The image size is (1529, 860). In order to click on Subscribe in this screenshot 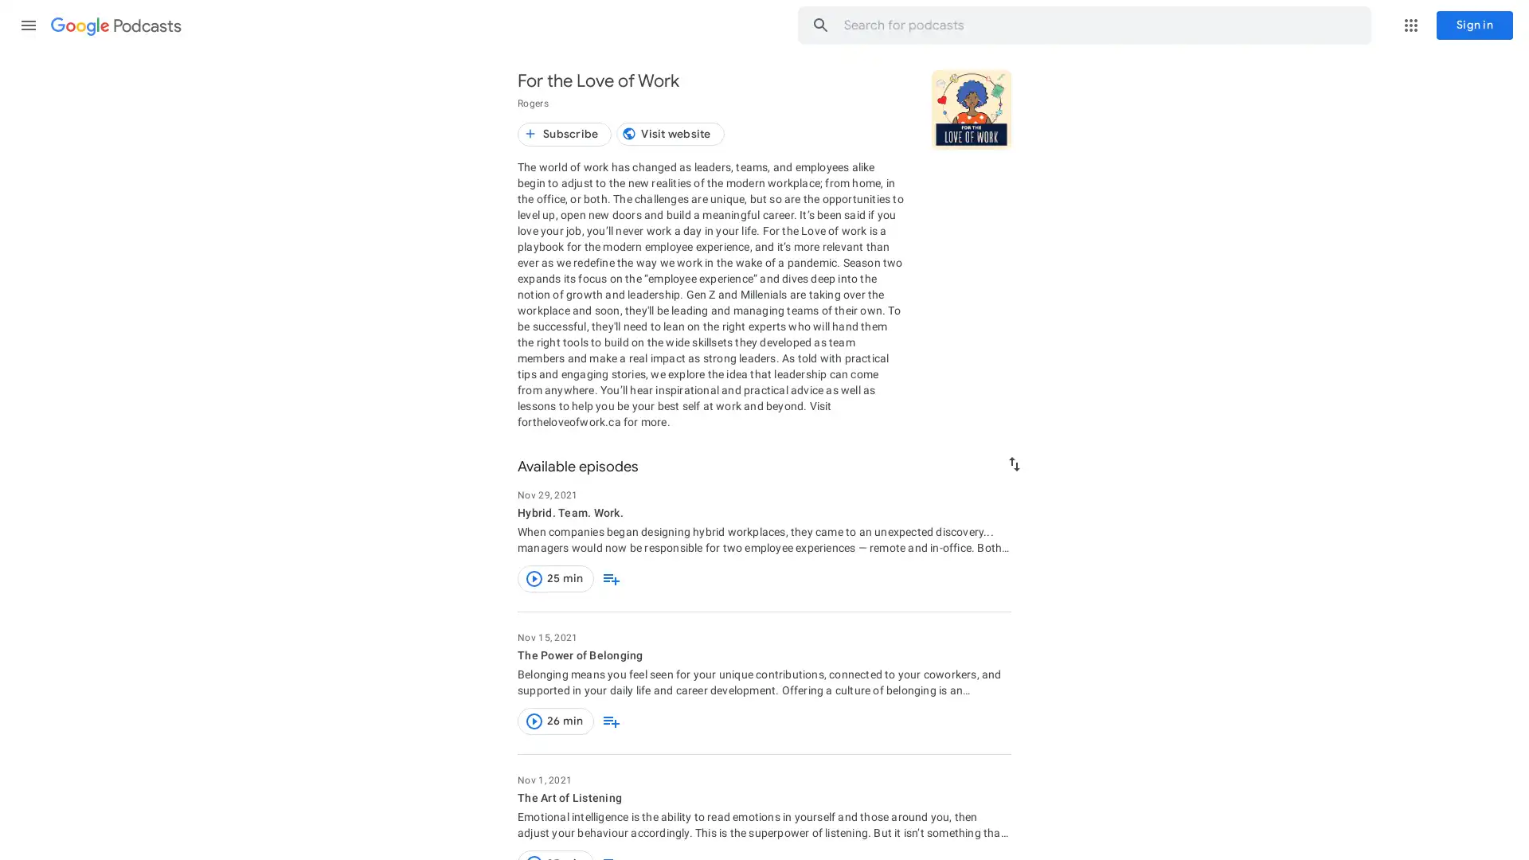, I will do `click(565, 134)`.